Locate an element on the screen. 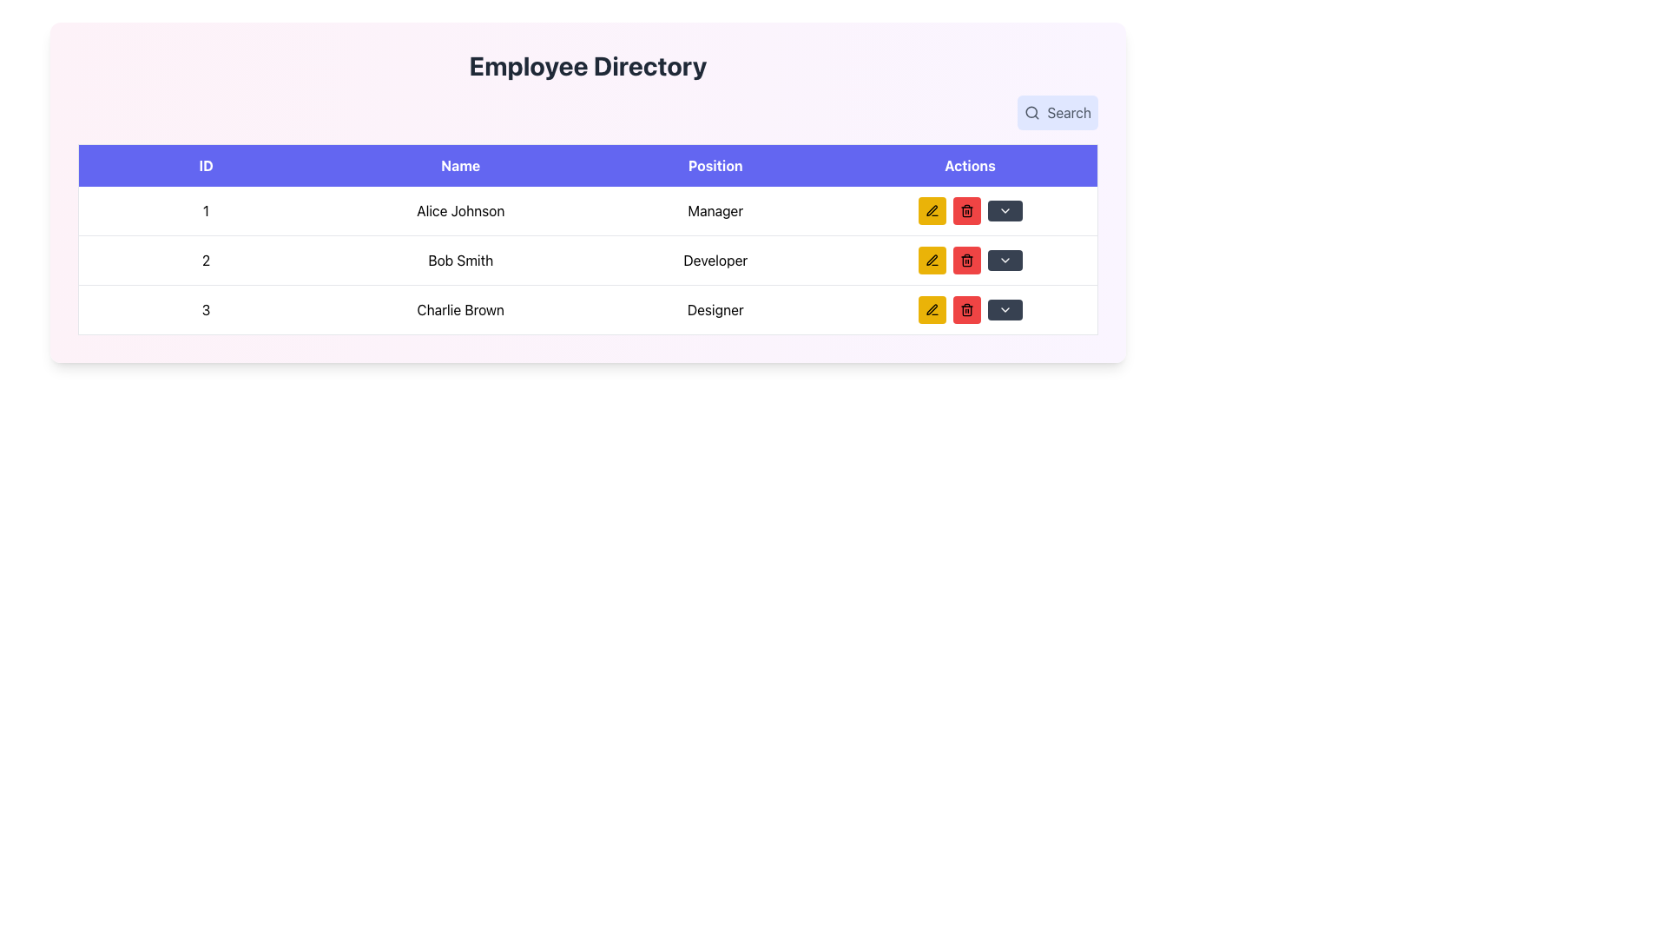 The height and width of the screenshot is (938, 1667). the pen icon, which is a small vector graphic with a black stroke, located in the 'Actions' column to initiate an edit action is located at coordinates (931, 209).